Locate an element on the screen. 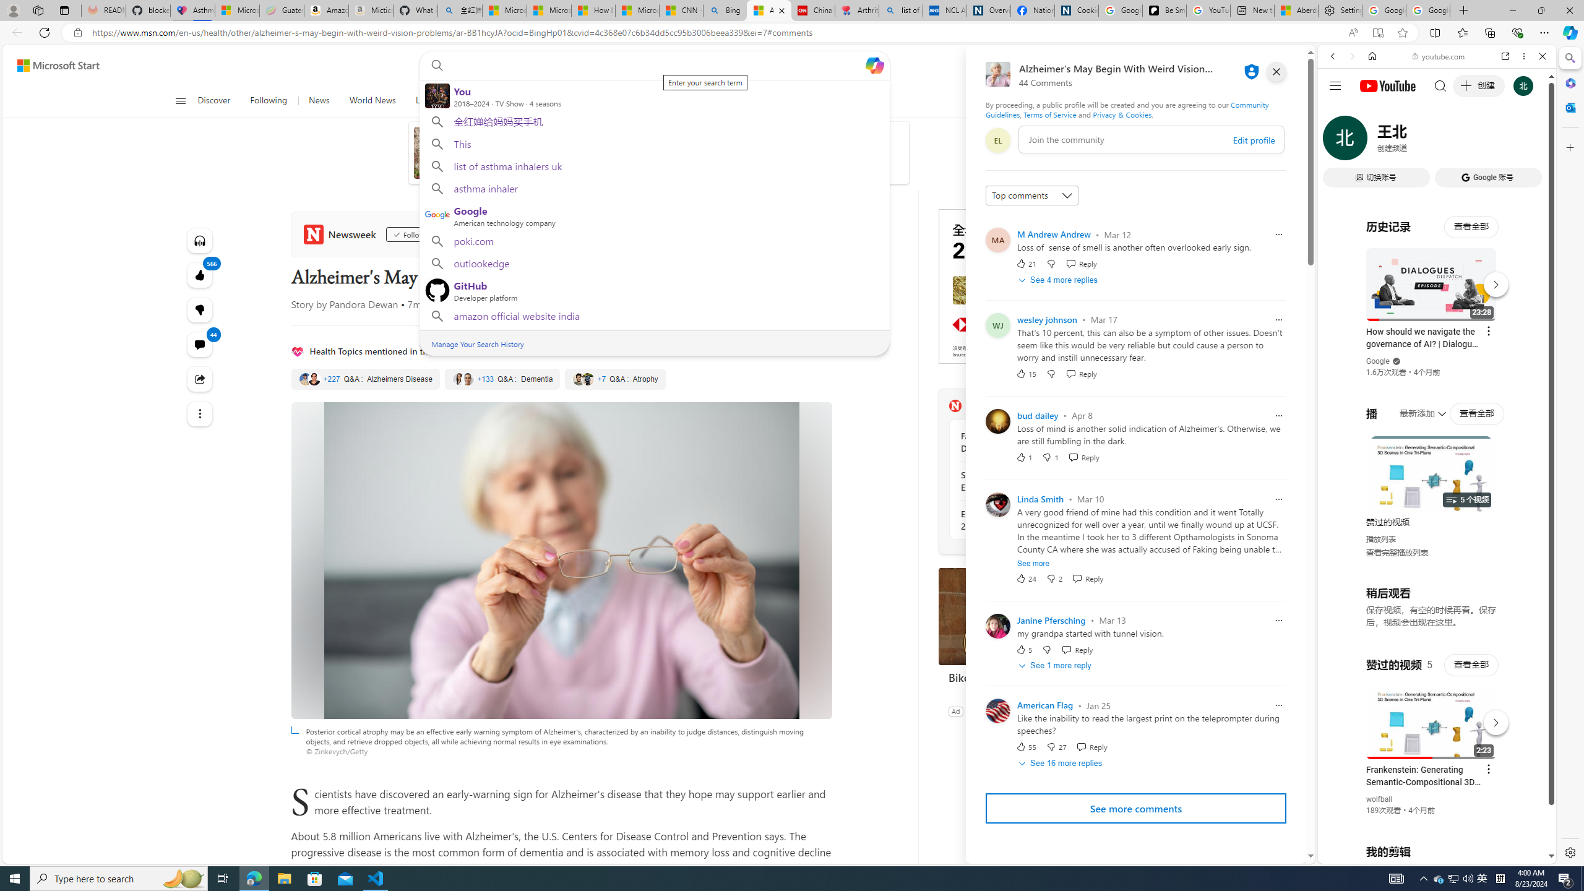  'Alzheimers Disease' is located at coordinates (366, 379).